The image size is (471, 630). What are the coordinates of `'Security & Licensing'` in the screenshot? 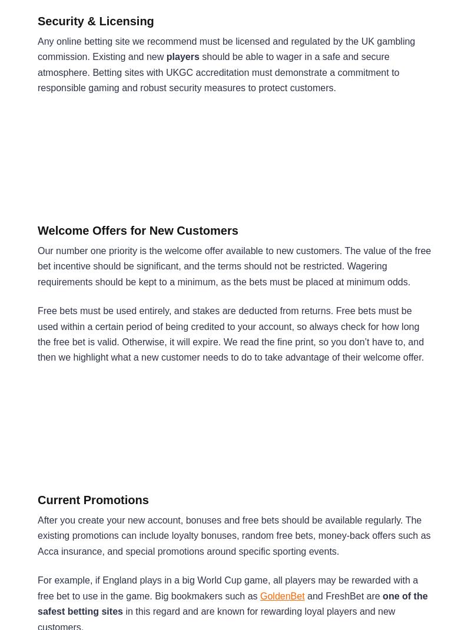 It's located at (37, 20).